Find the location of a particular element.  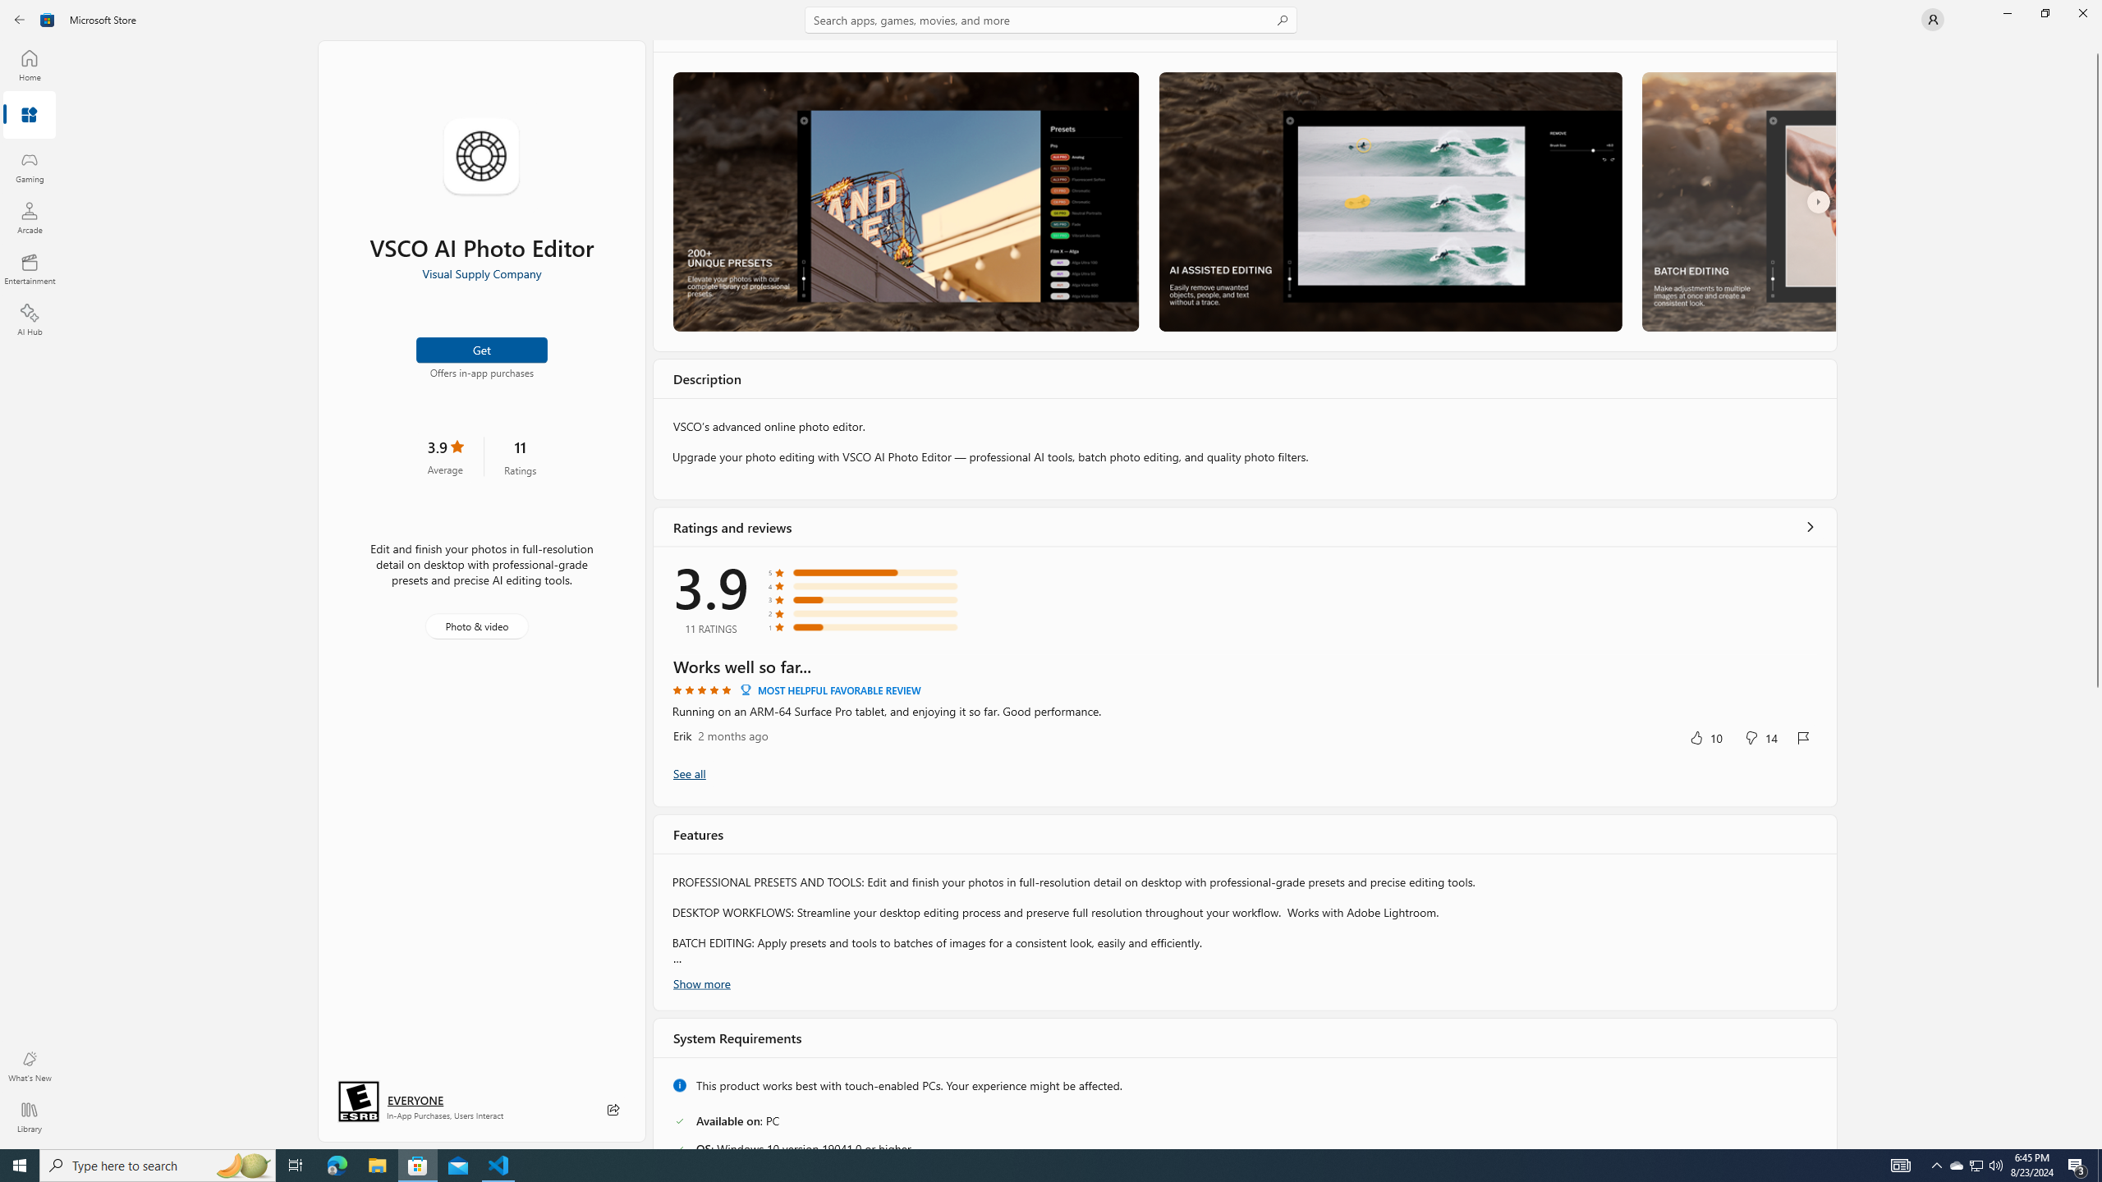

'User profile' is located at coordinates (1931, 18).